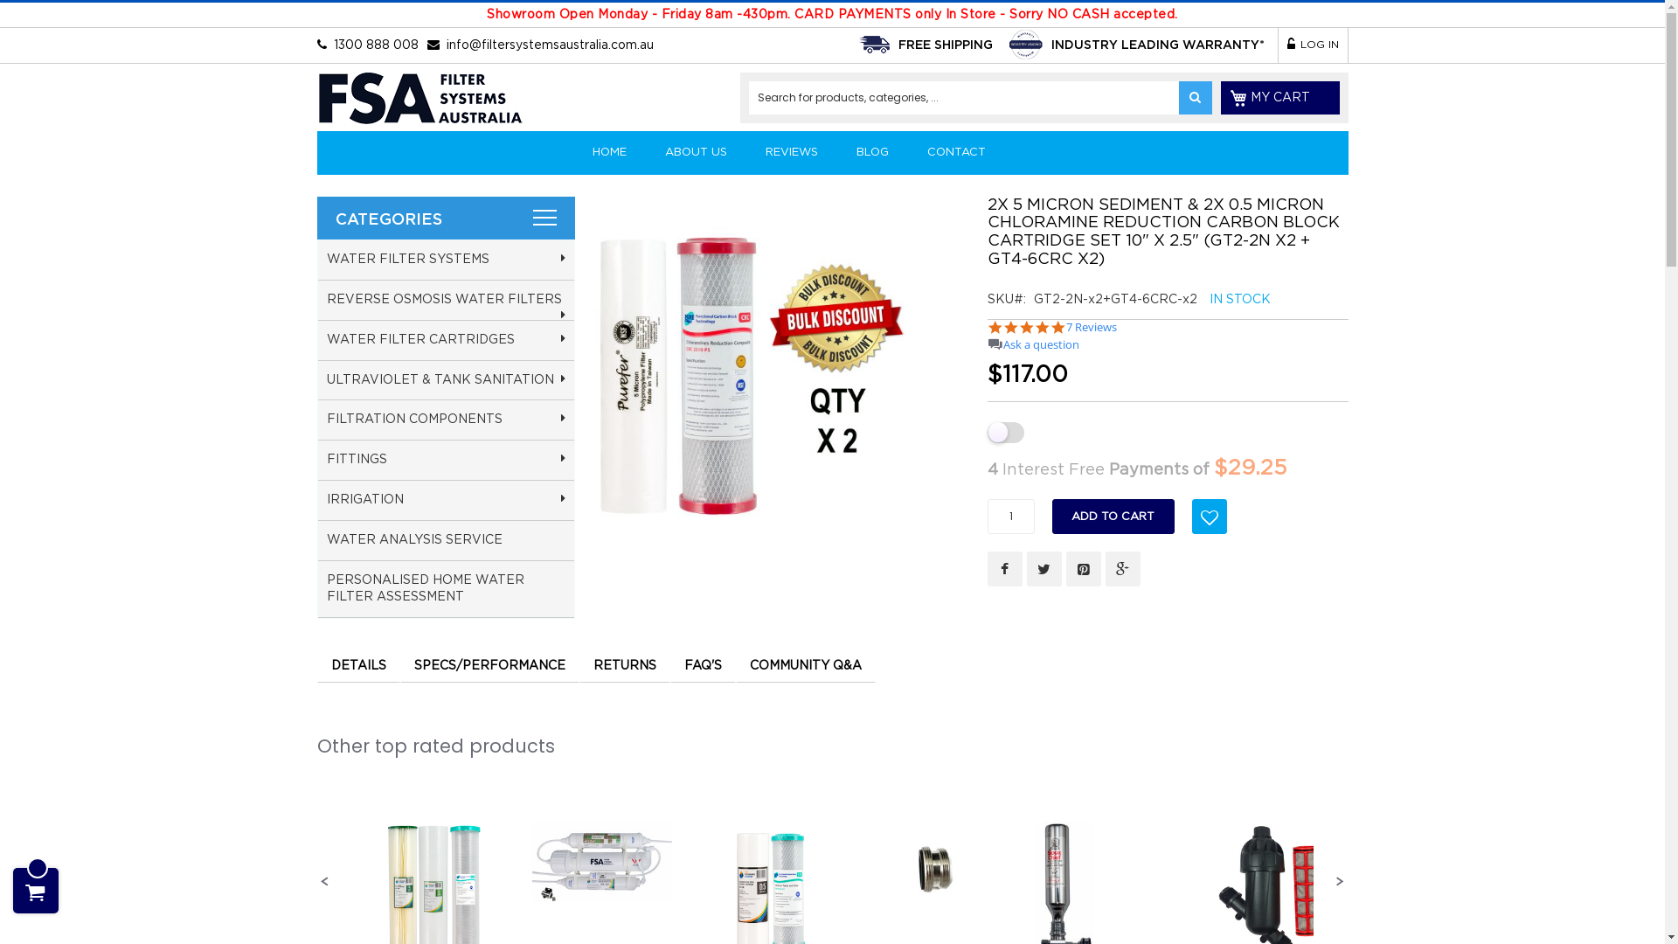  I want to click on 'ADD TO CART', so click(1112, 515).